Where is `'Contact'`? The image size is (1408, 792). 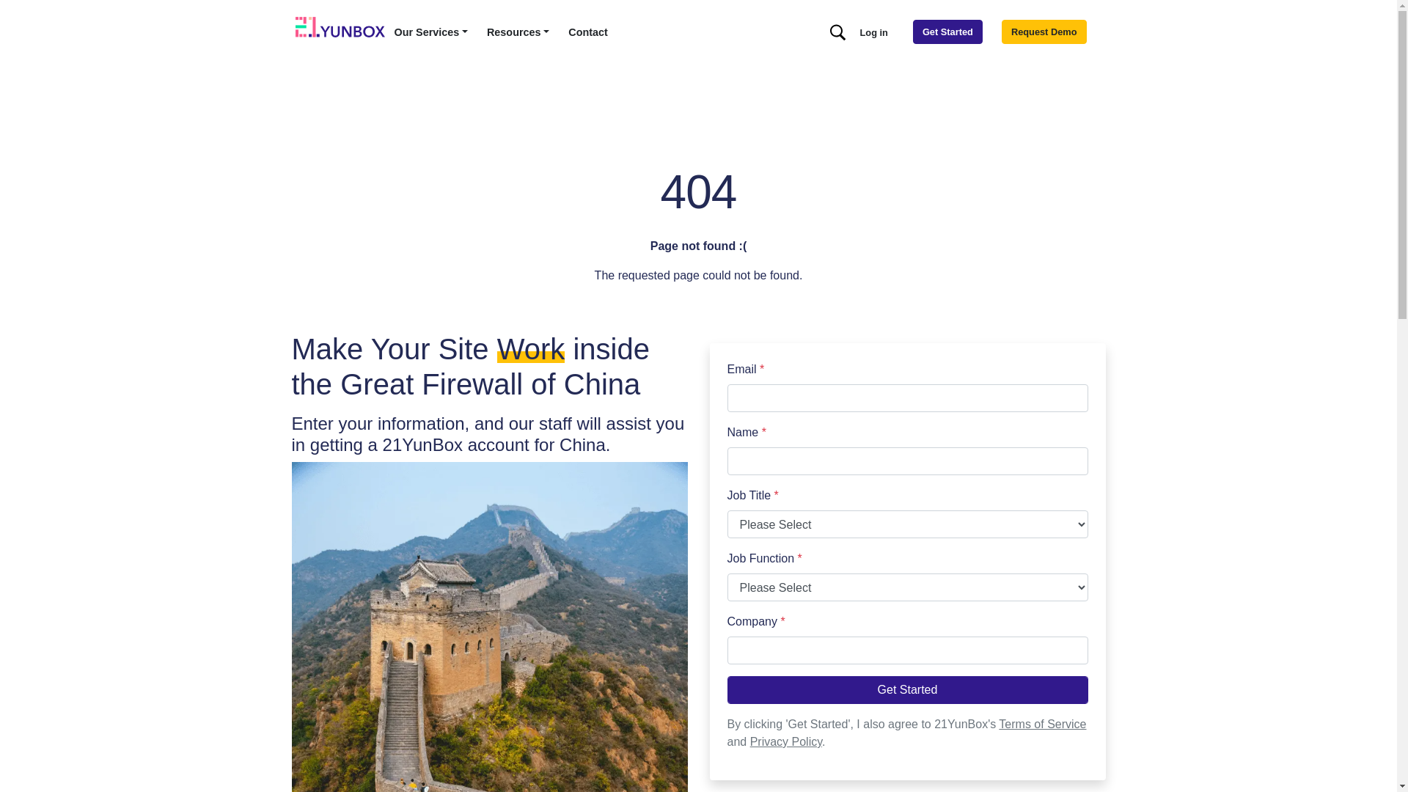
'Contact' is located at coordinates (562, 33).